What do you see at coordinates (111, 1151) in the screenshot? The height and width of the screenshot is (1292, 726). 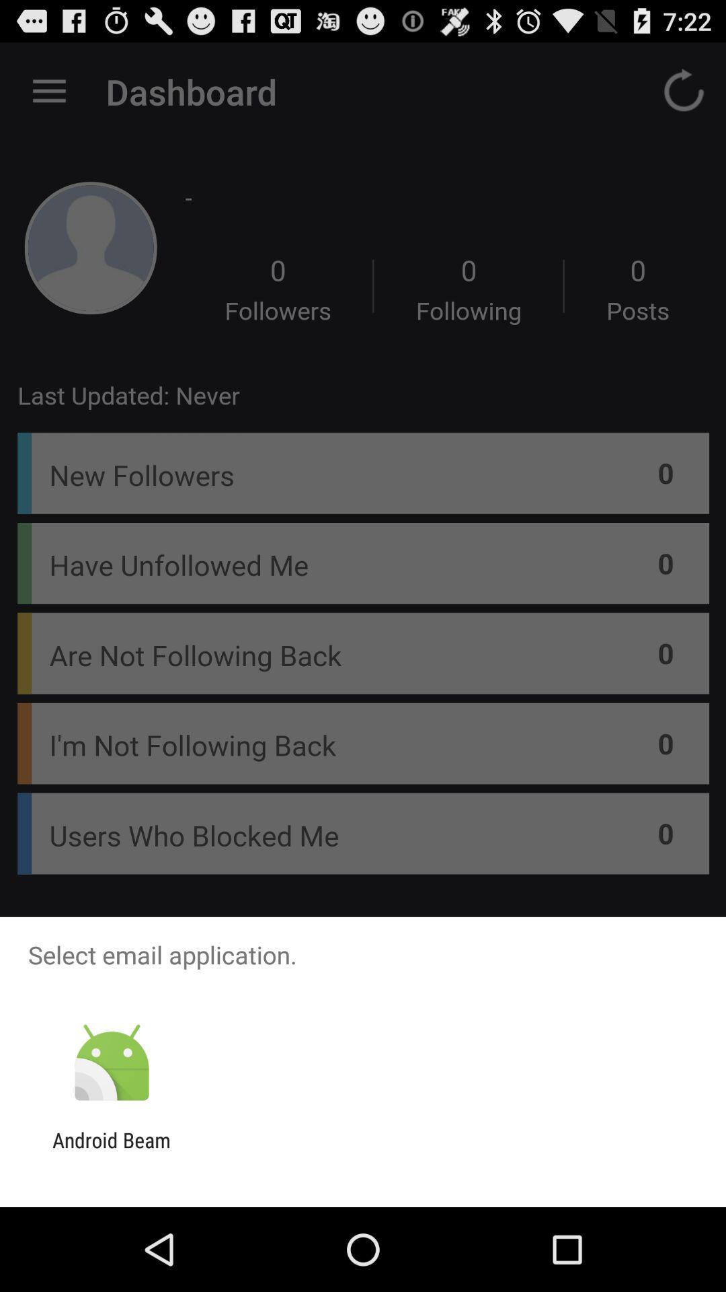 I see `the android beam app` at bounding box center [111, 1151].